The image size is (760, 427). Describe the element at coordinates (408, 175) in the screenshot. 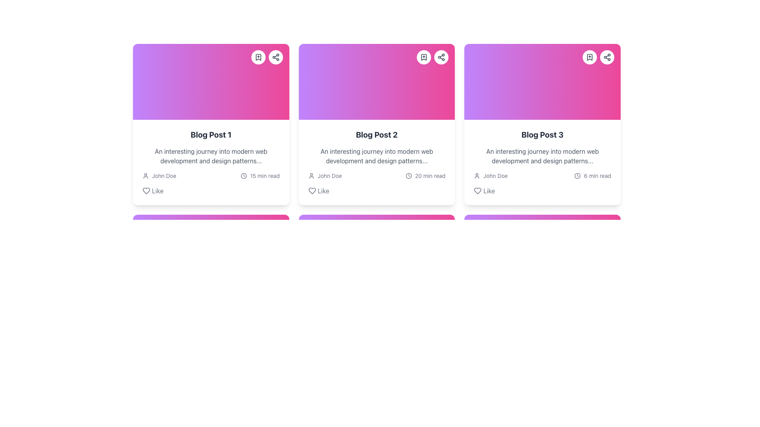

I see `the small, circular clock icon located to the left of the text '20 min read' in the footer of the card labeled 'Blog Post 2'` at that location.